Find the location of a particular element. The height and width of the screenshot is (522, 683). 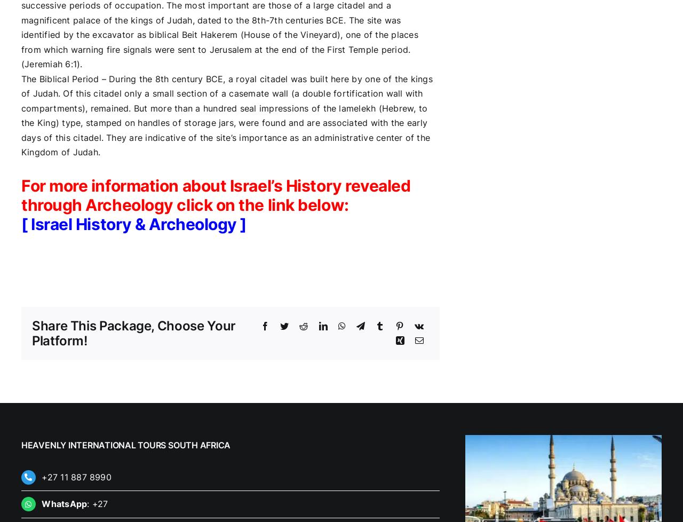

':' is located at coordinates (89, 503).